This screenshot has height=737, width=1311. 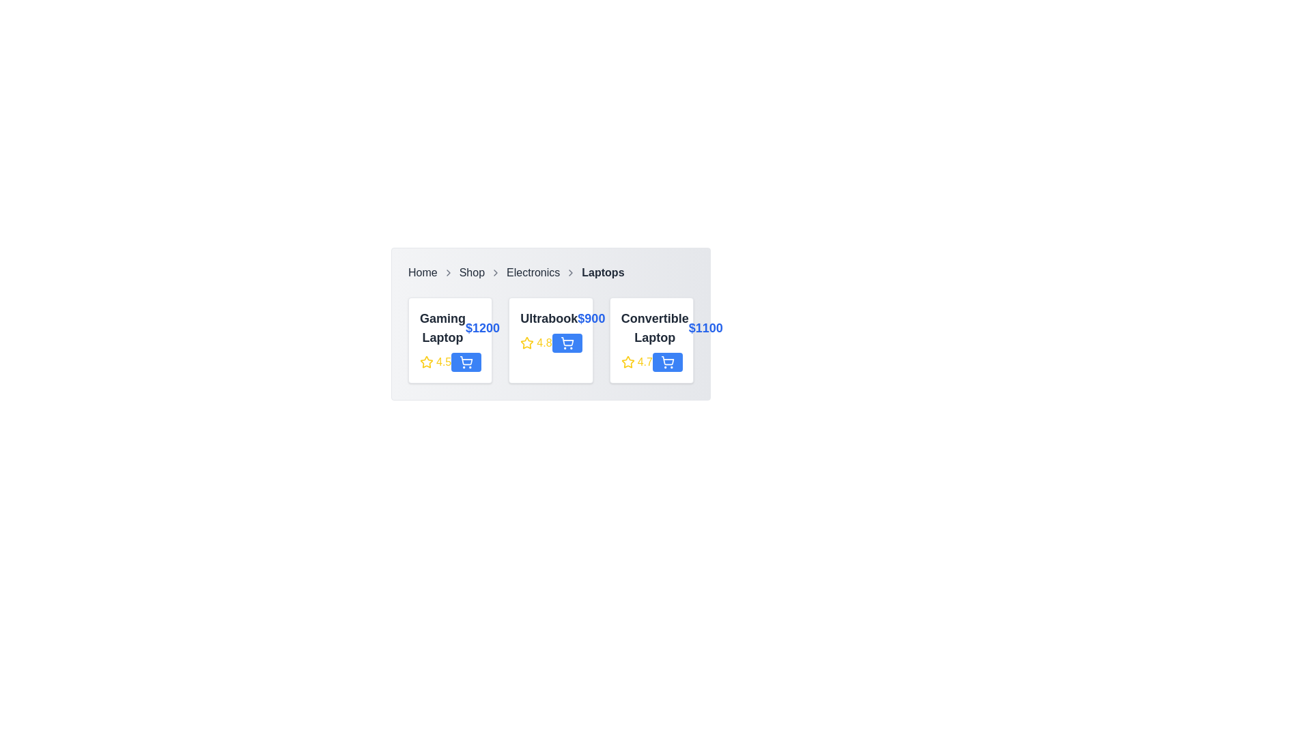 I want to click on the 'Home' hyperlink, so click(x=422, y=273).